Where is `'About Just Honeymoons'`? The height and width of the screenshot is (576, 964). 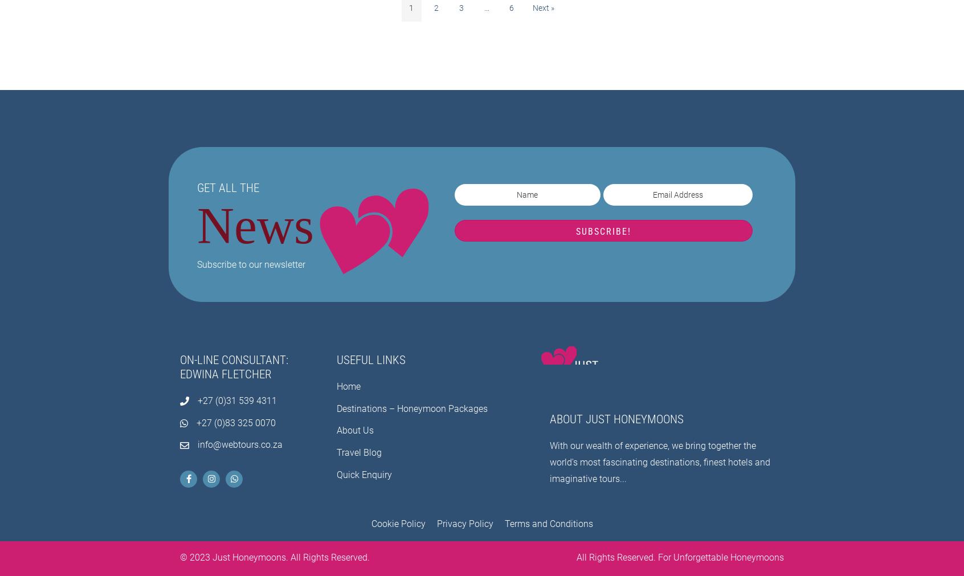 'About Just Honeymoons' is located at coordinates (616, 419).